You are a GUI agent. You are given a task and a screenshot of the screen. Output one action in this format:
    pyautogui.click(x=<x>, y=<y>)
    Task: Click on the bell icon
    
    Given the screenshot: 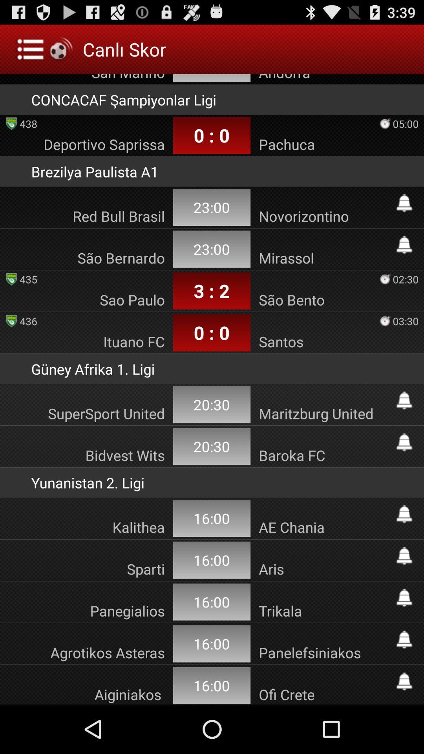 What is the action you would take?
    pyautogui.click(x=404, y=681)
    